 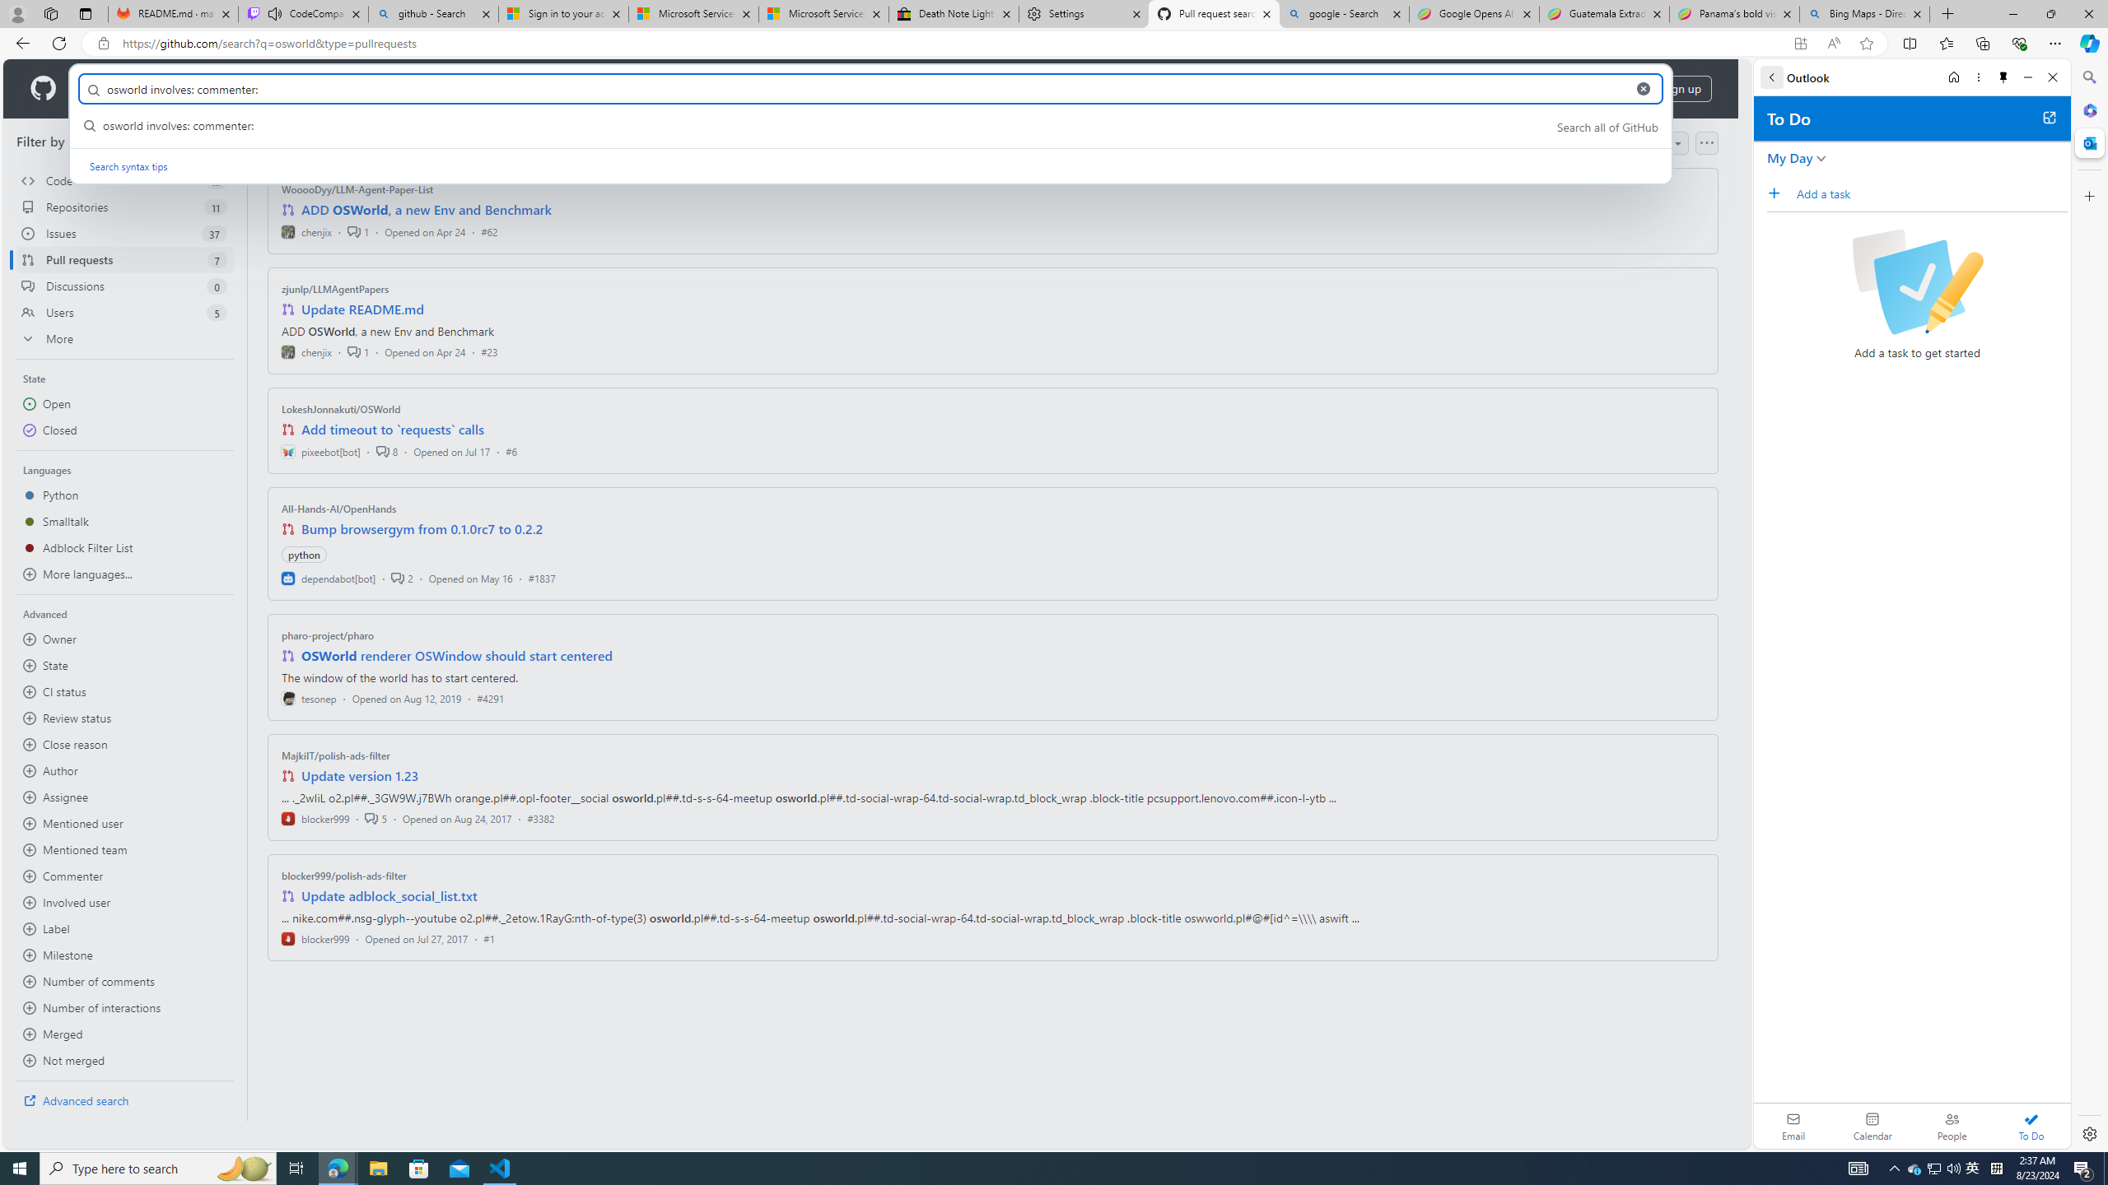 What do you see at coordinates (275, 12) in the screenshot?
I see `'Mute tab'` at bounding box center [275, 12].